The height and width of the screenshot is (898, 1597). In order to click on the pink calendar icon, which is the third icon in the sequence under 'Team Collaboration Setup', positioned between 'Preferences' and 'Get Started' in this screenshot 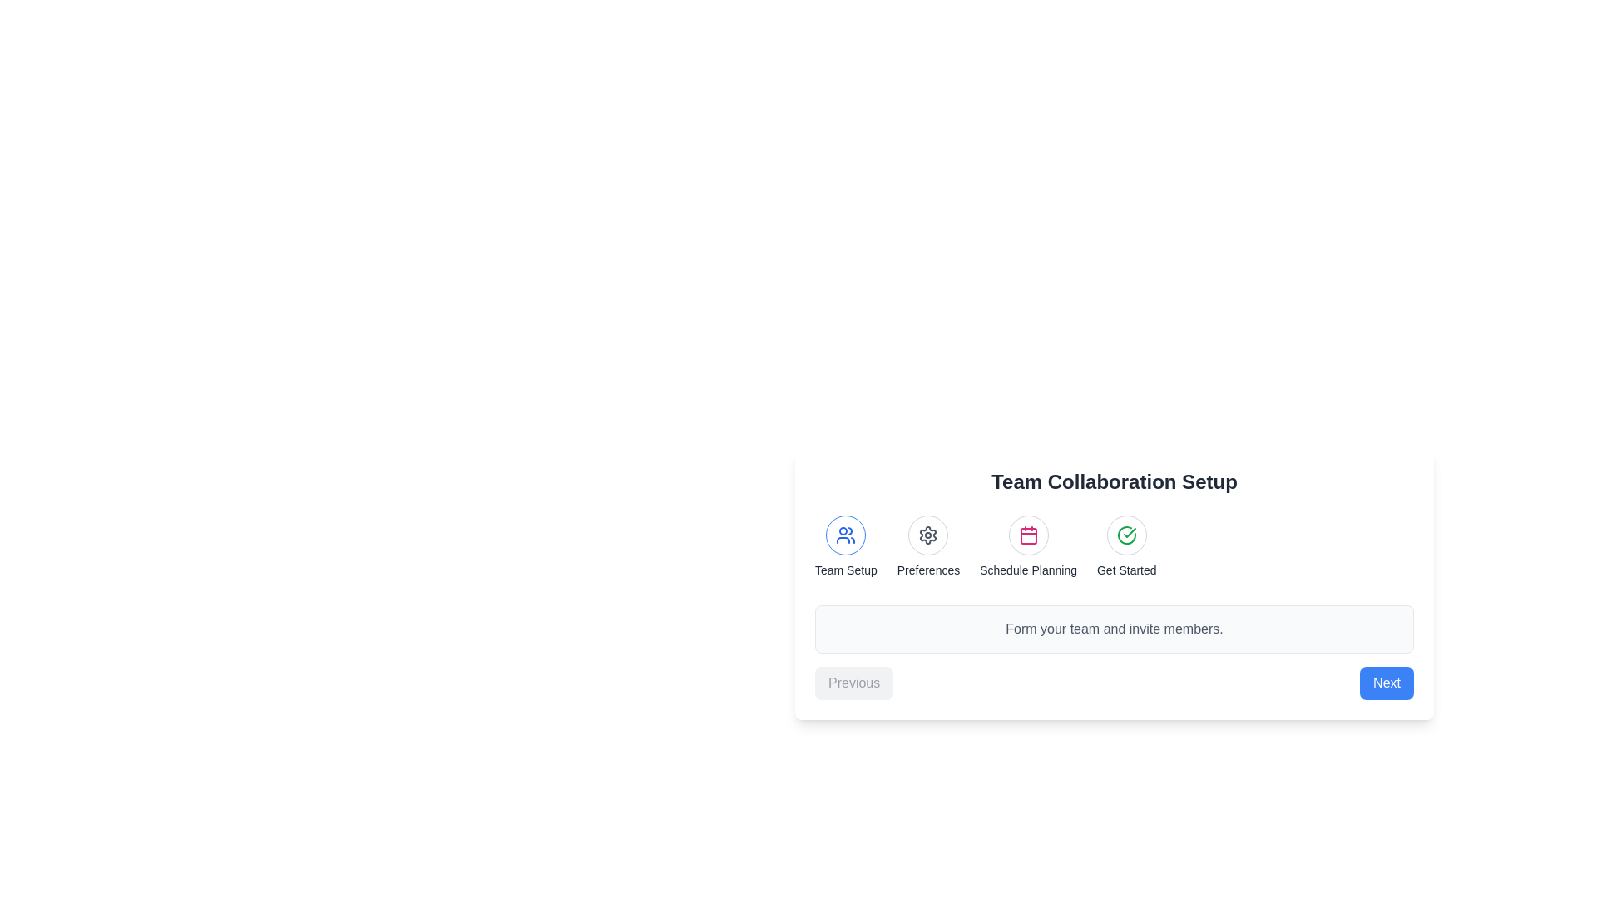, I will do `click(1027, 535)`.